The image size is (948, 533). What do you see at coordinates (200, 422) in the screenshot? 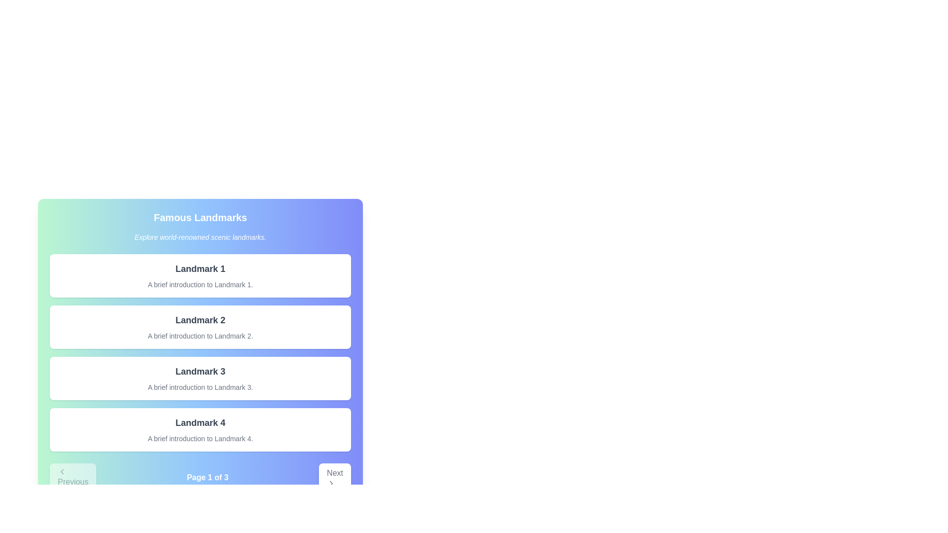
I see `the title label of the fourth listed landmark, which is positioned above the text 'A brief introduction to Landmark 4.'` at bounding box center [200, 422].